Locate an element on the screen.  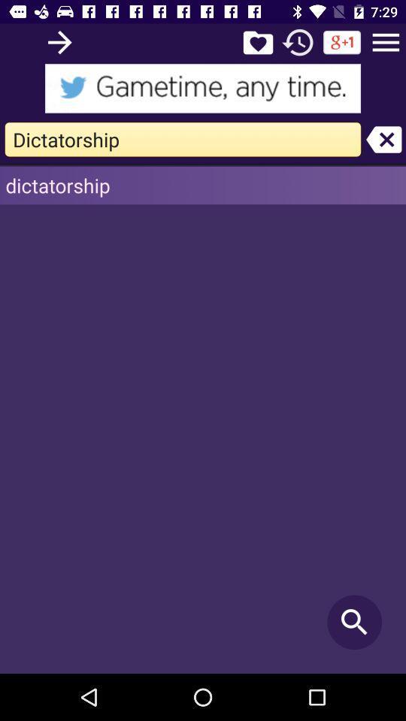
the history icon is located at coordinates (298, 41).